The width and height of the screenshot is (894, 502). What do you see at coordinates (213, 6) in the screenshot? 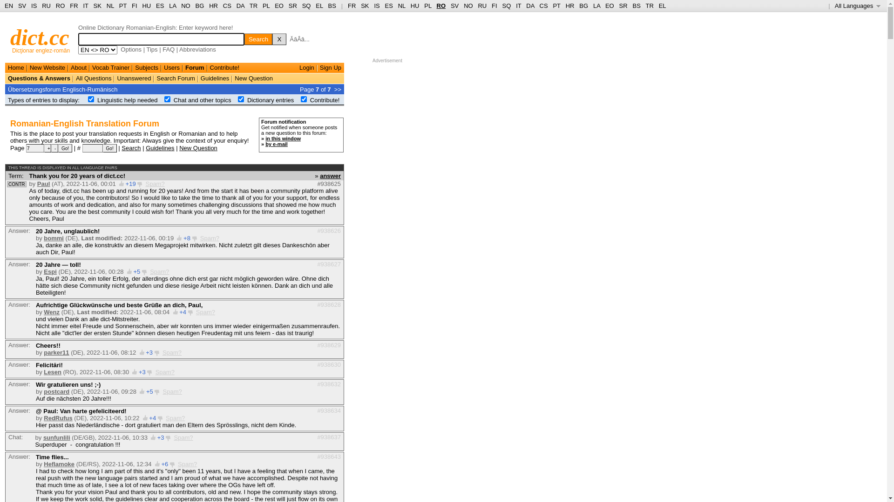
I see `'HR'` at bounding box center [213, 6].